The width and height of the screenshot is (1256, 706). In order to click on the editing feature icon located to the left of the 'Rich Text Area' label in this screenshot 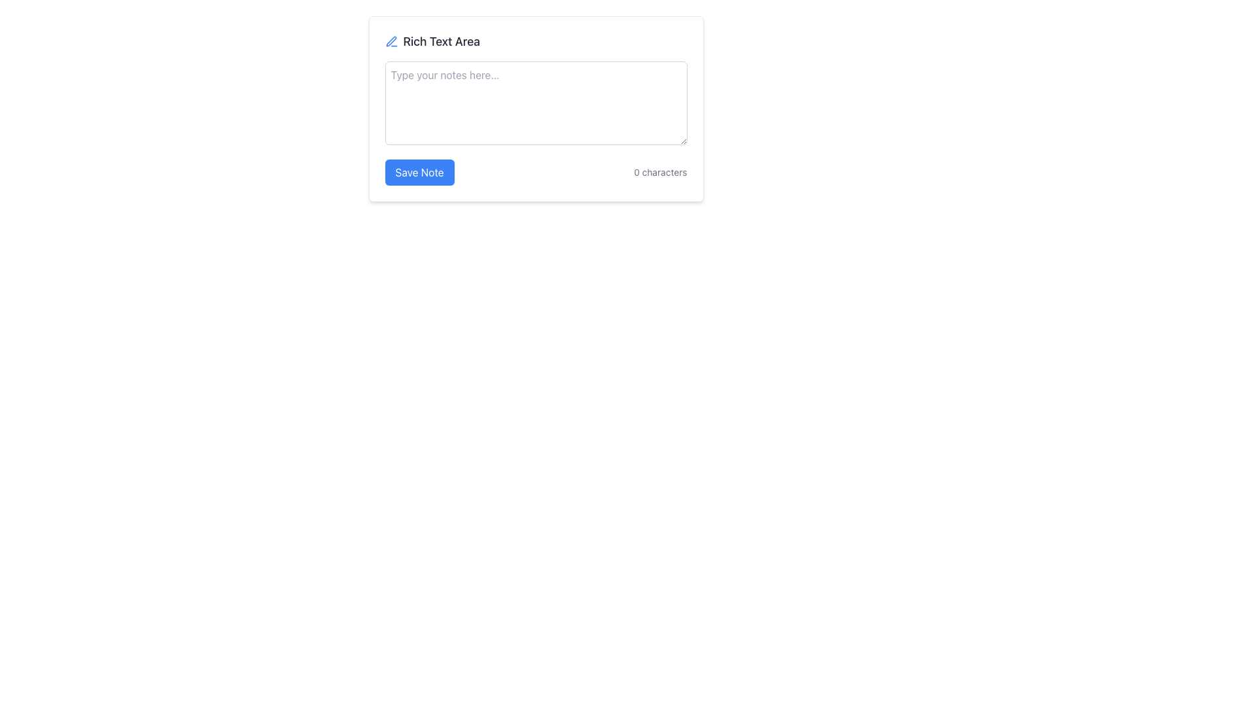, I will do `click(391, 41)`.